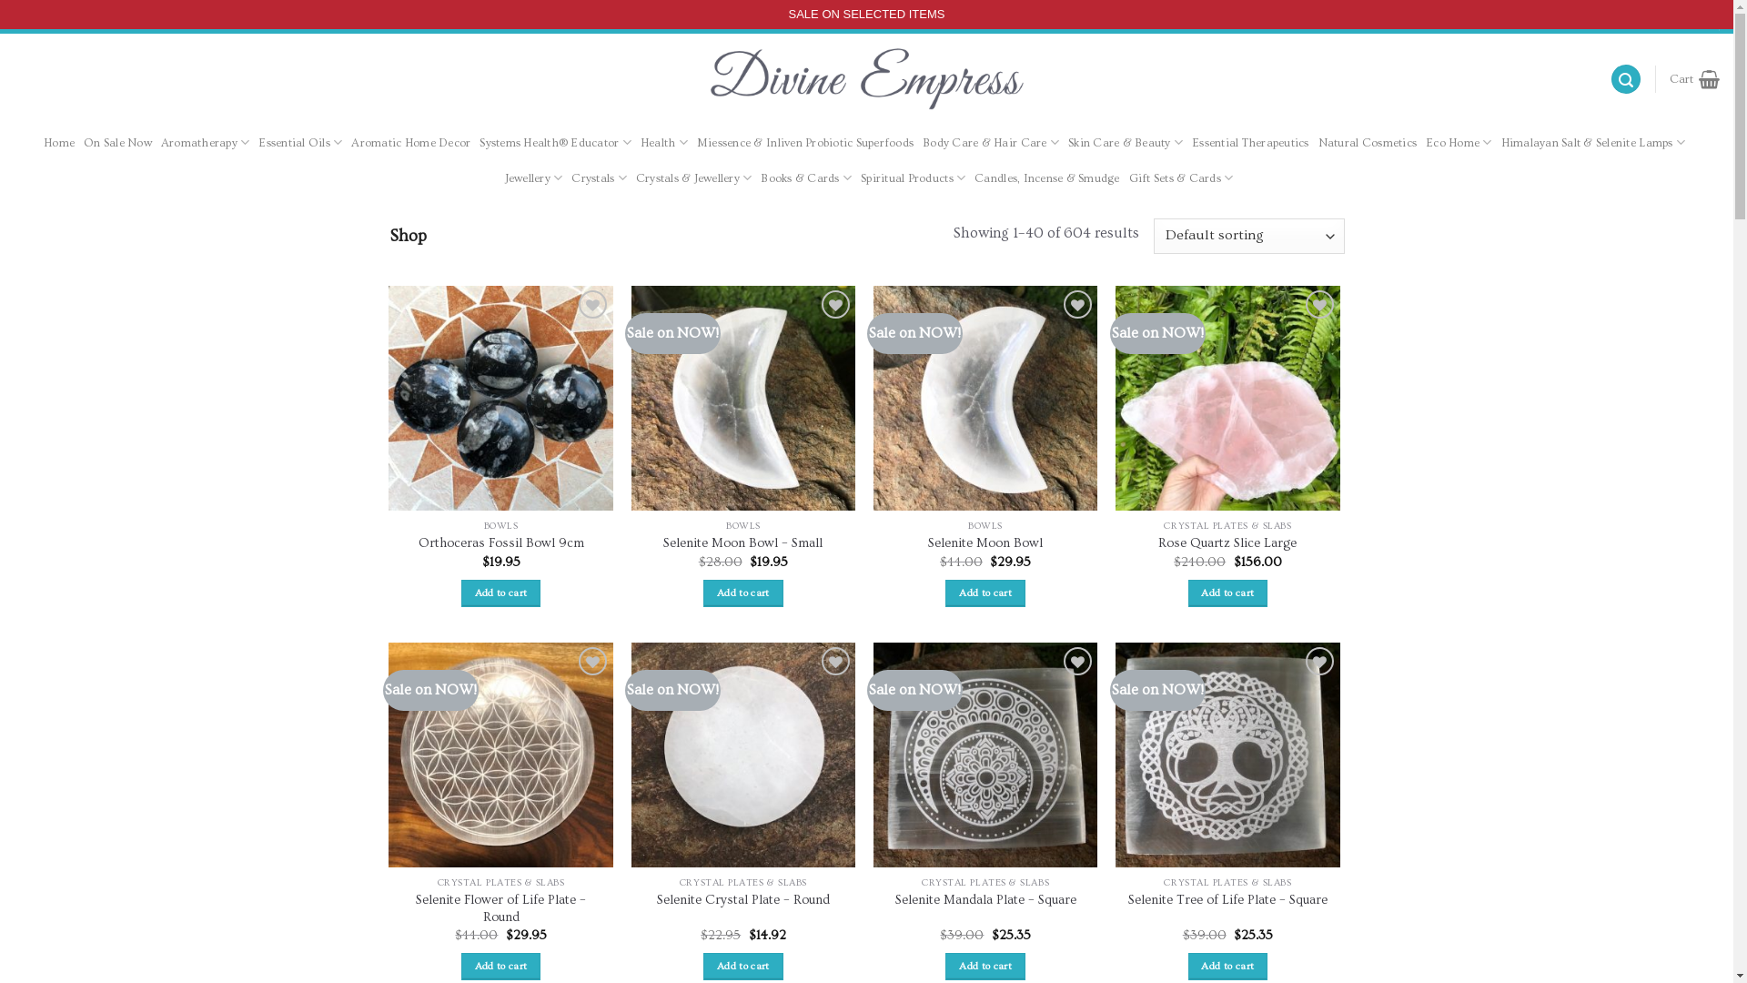  What do you see at coordinates (1046, 178) in the screenshot?
I see `'Candles, Incense & Smudge'` at bounding box center [1046, 178].